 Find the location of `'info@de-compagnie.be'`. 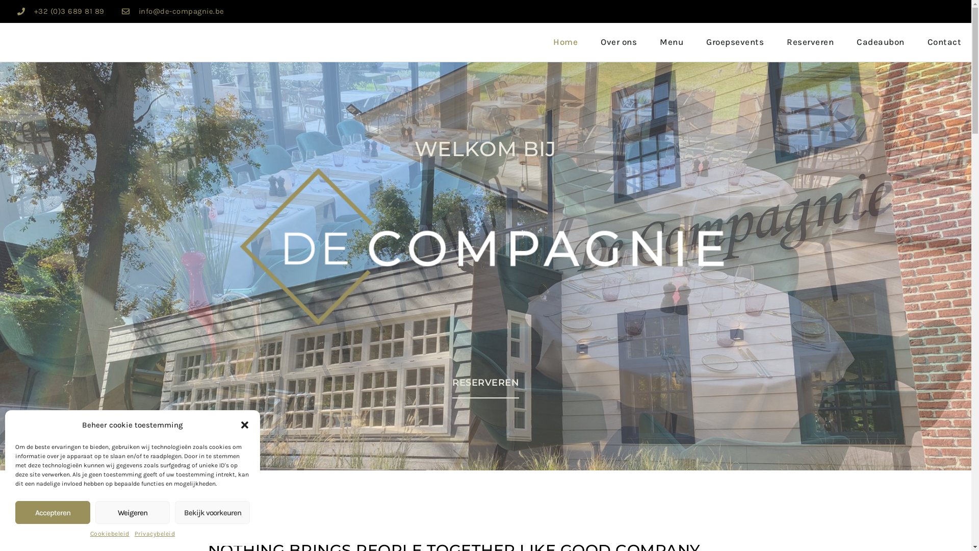

'info@de-compagnie.be' is located at coordinates (181, 11).